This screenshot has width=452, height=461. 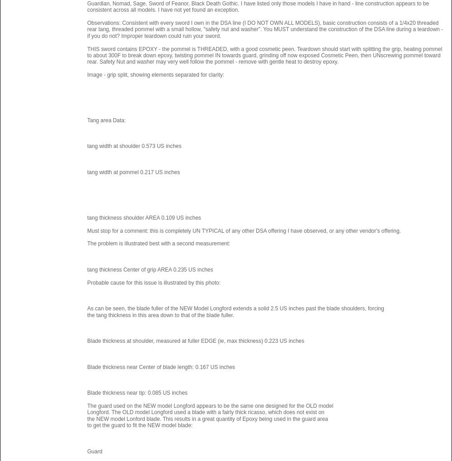 What do you see at coordinates (94, 451) in the screenshot?
I see `'Guard'` at bounding box center [94, 451].